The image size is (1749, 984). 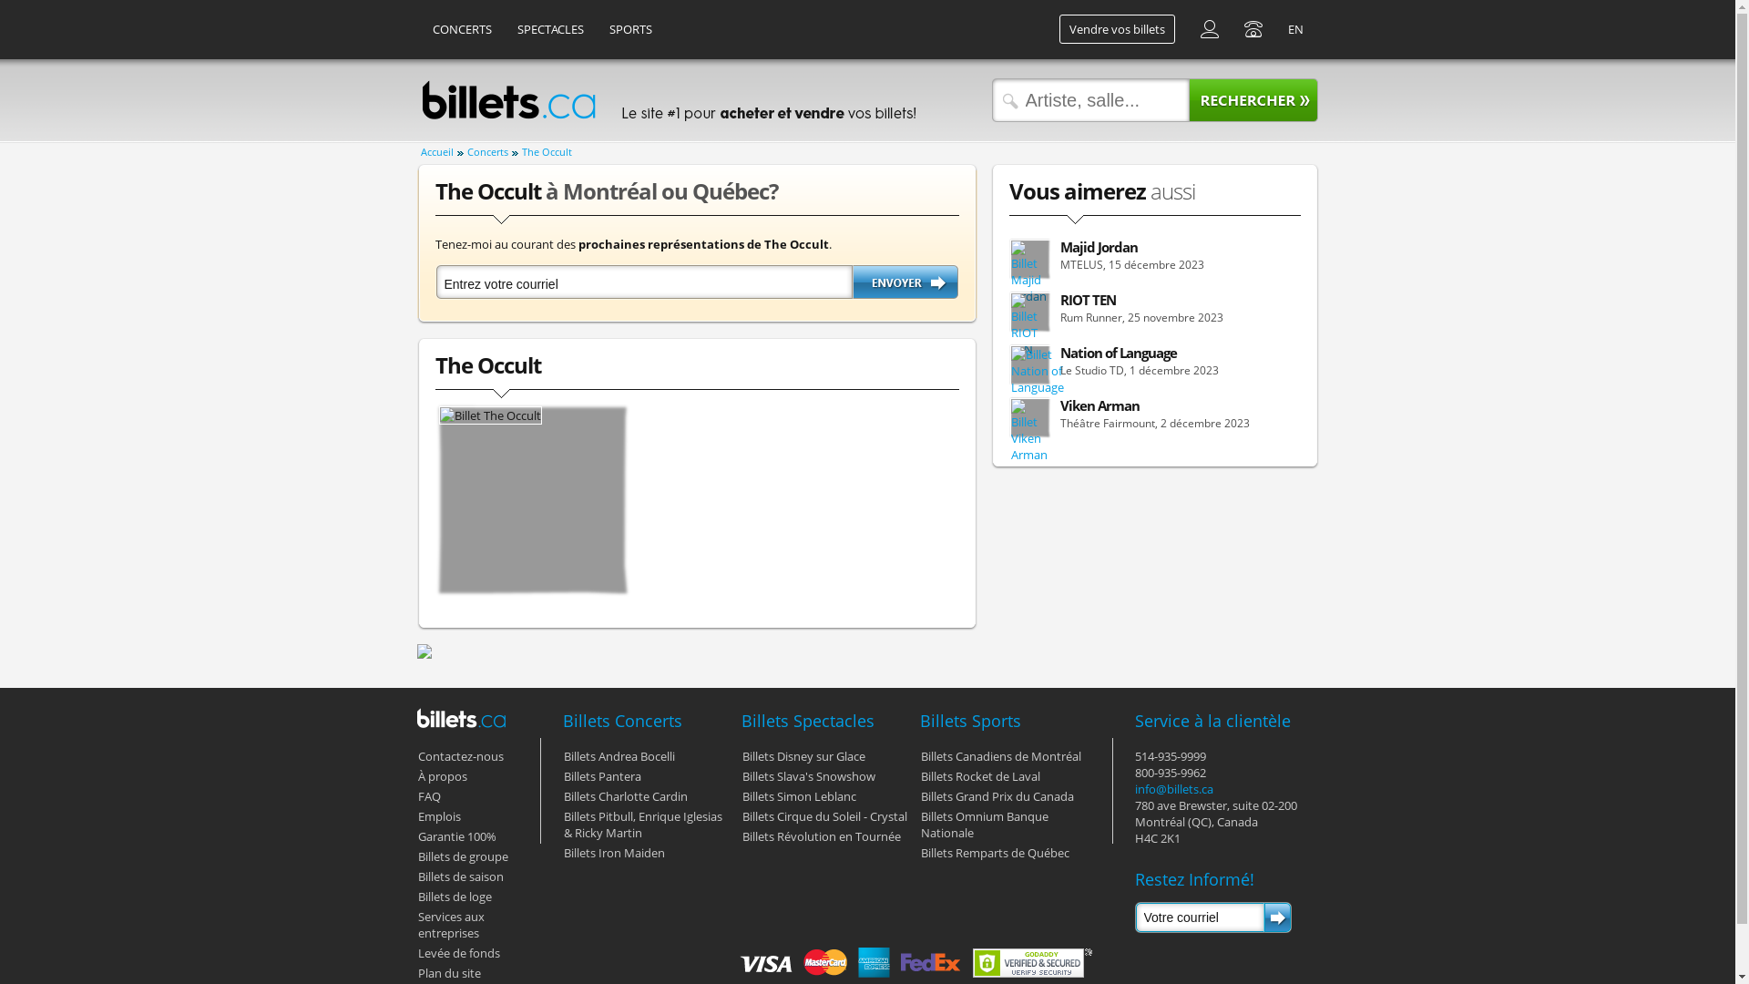 I want to click on 'Billets de saison', so click(x=459, y=875).